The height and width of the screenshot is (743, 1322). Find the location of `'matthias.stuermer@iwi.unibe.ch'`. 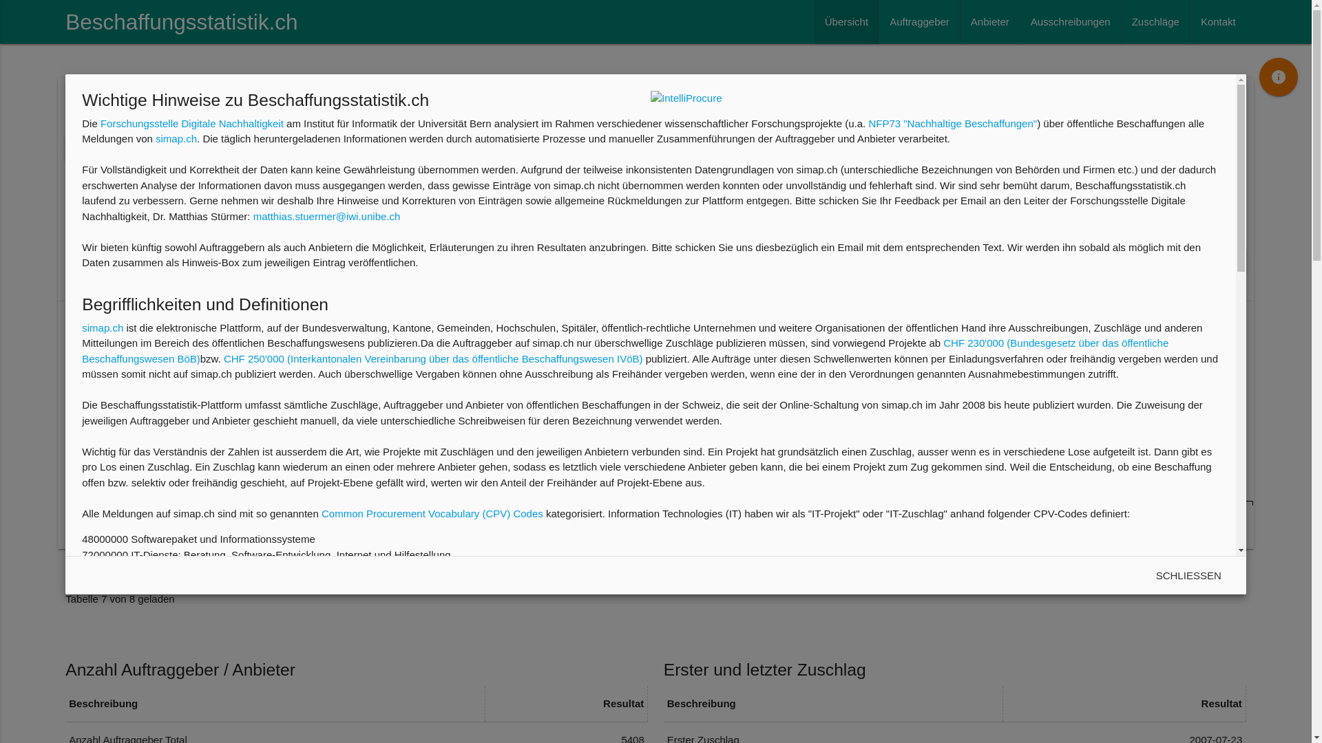

'matthias.stuermer@iwi.unibe.ch' is located at coordinates (326, 216).